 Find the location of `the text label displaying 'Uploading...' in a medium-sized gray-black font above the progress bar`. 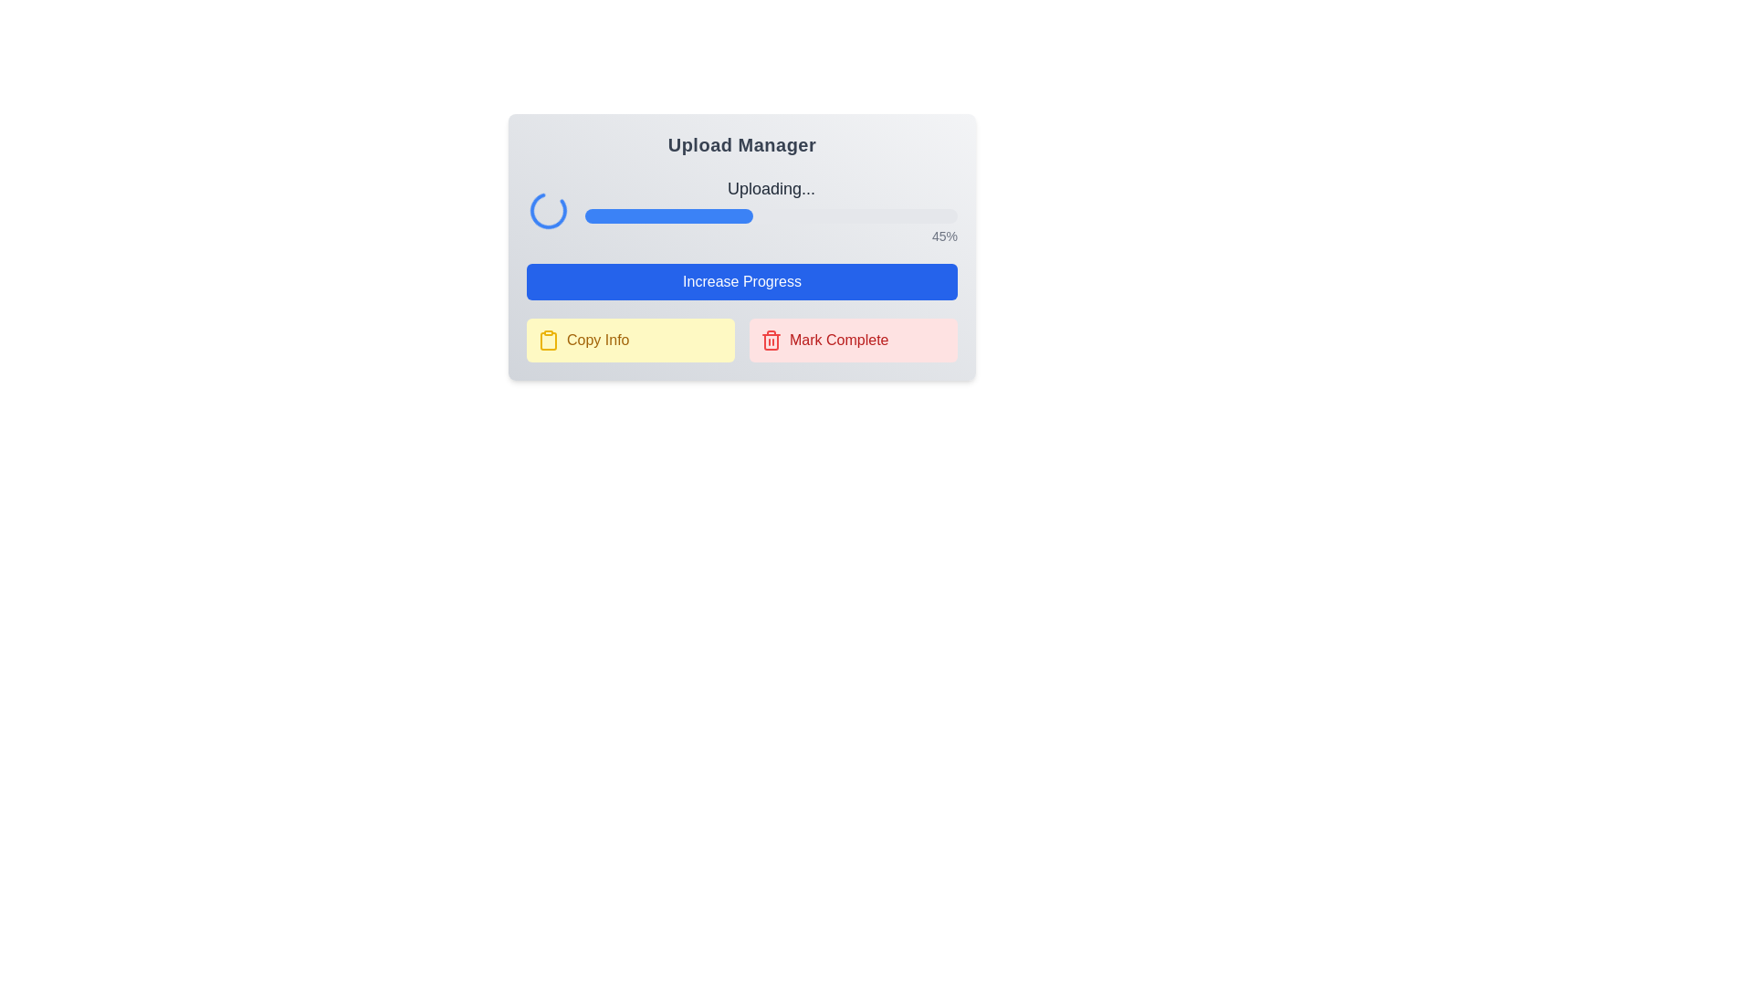

the text label displaying 'Uploading...' in a medium-sized gray-black font above the progress bar is located at coordinates (771, 189).